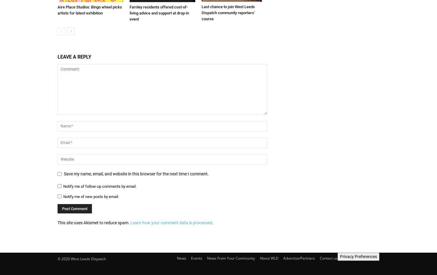 The width and height of the screenshot is (437, 275). Describe the element at coordinates (212, 222) in the screenshot. I see `'.'` at that location.